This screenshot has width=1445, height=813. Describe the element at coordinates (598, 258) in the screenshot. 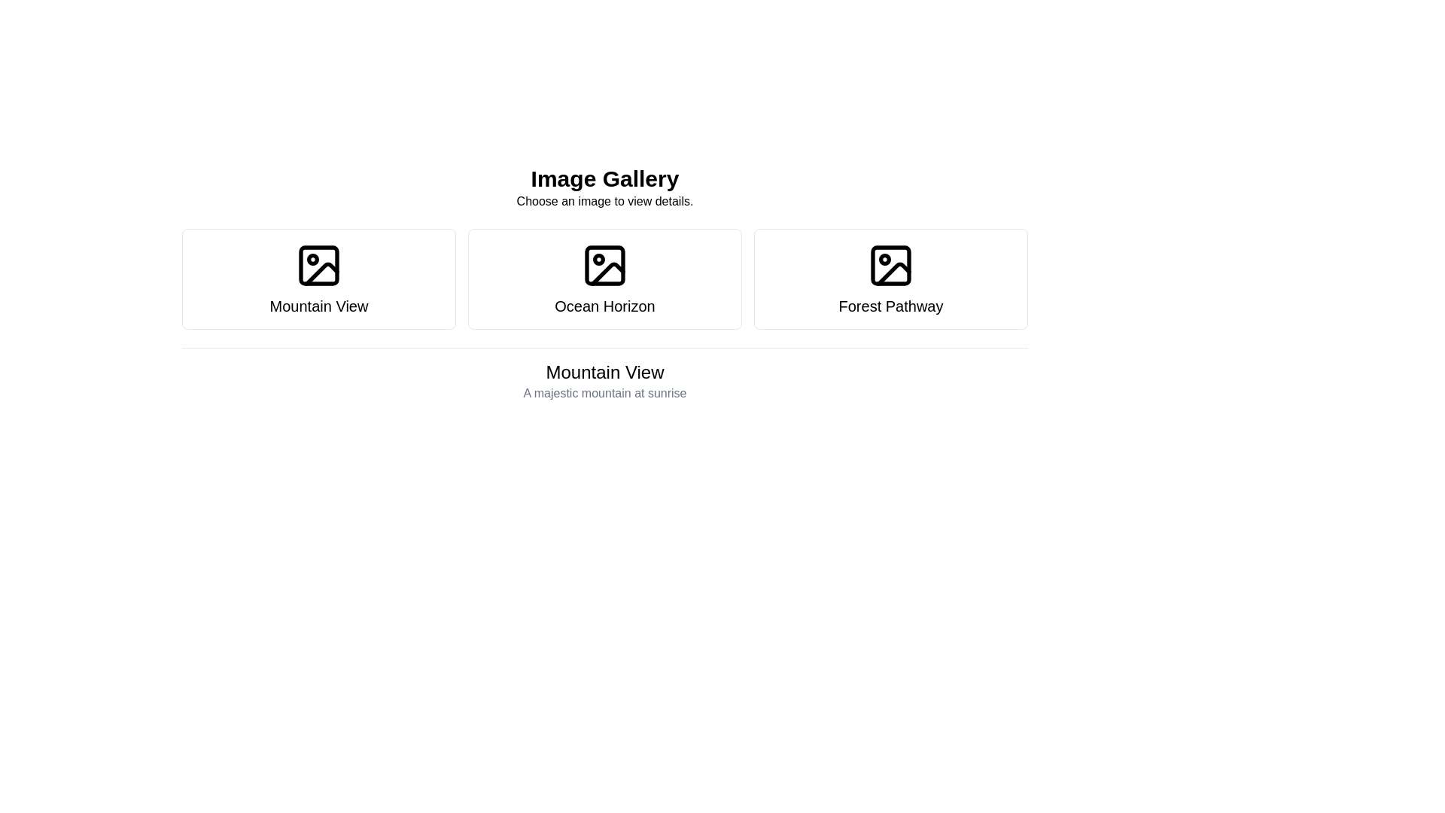

I see `the graphical detail circle within the 'Ocean Horizon' icon, located near the top-left corner of the icon` at that location.